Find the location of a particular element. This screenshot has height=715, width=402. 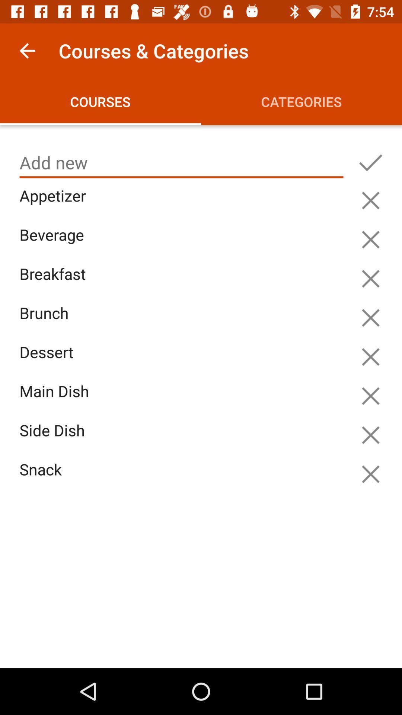

the item above the main dish item is located at coordinates (183, 361).